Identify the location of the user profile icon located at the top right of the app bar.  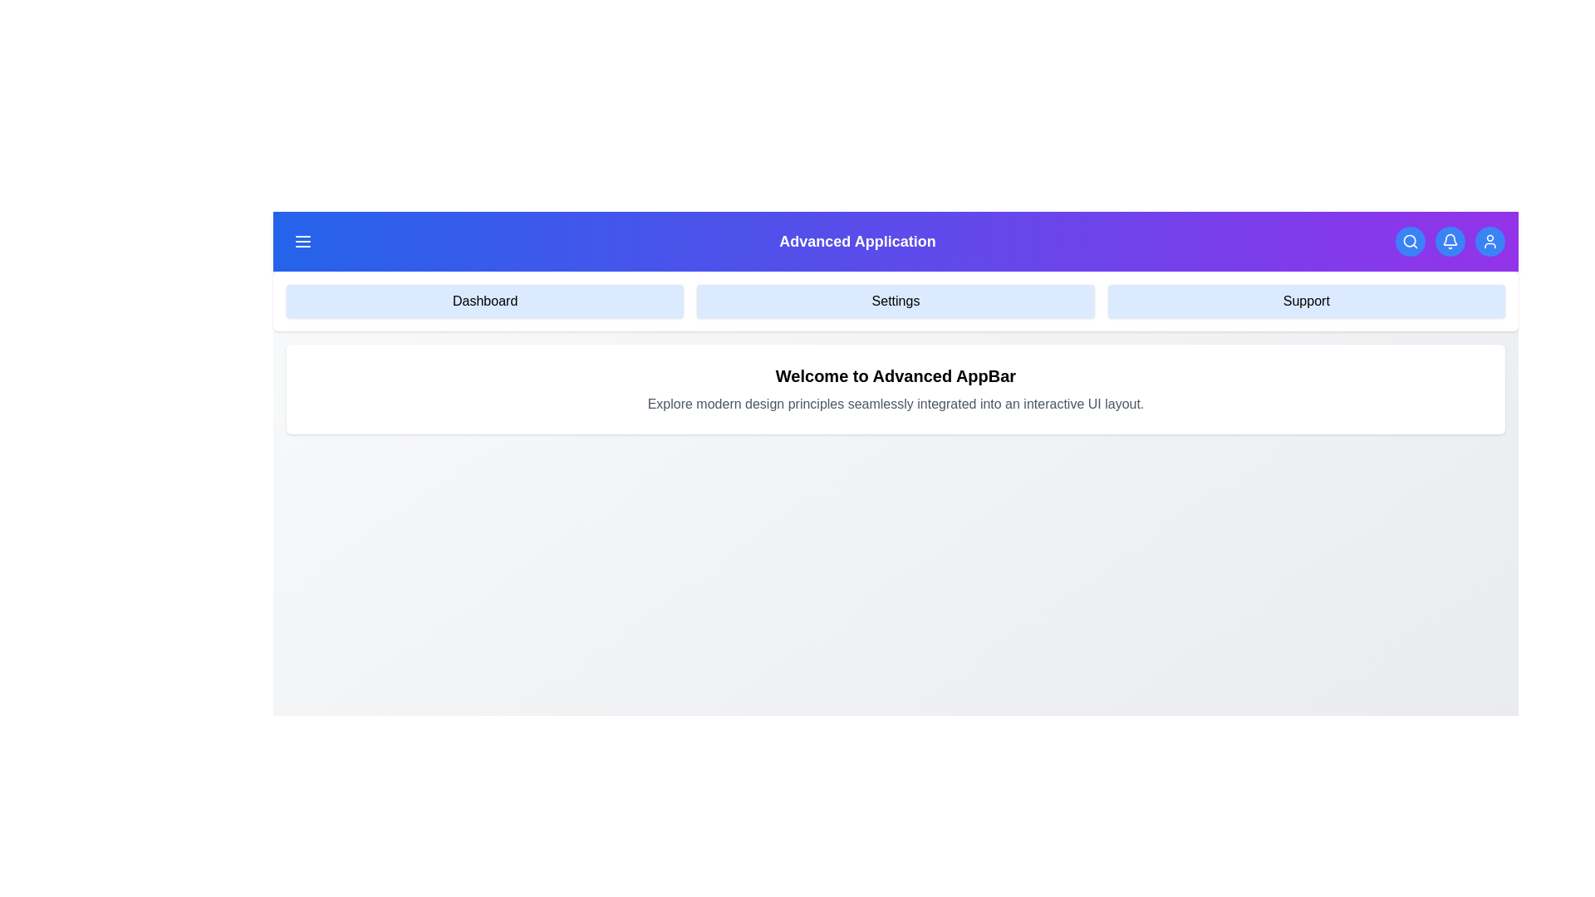
(1490, 241).